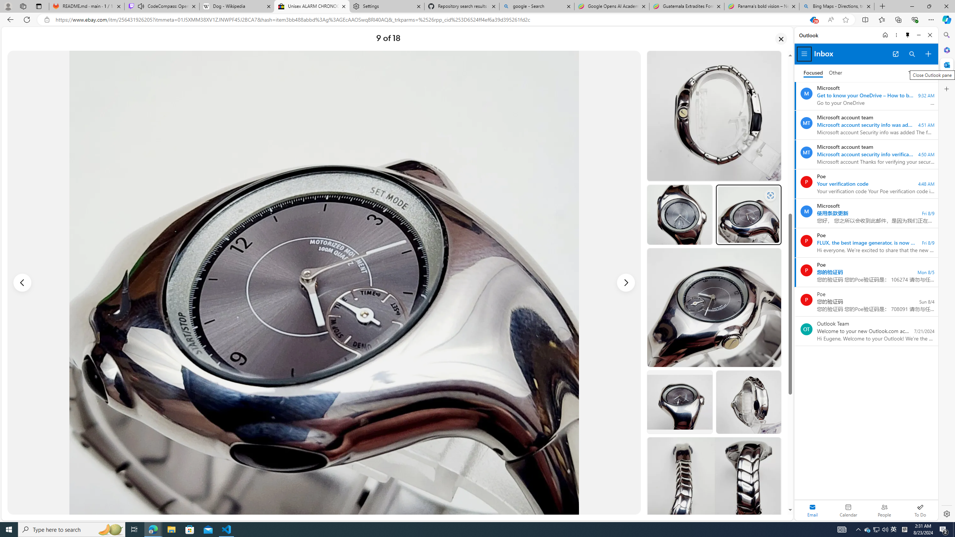  Describe the element at coordinates (896, 54) in the screenshot. I see `'Open in new tab'` at that location.